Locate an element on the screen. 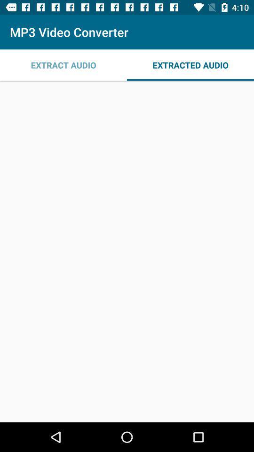 The image size is (254, 452). the app below mp3 video converter is located at coordinates (190, 65).